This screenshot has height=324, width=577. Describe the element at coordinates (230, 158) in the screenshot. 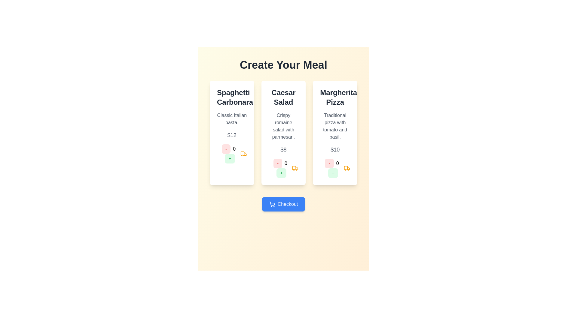

I see `the small green button with a centered '+' symbol, located below the '0' label and adjacent to the '-' button in the first card (Spaghetti Carbonara)` at that location.